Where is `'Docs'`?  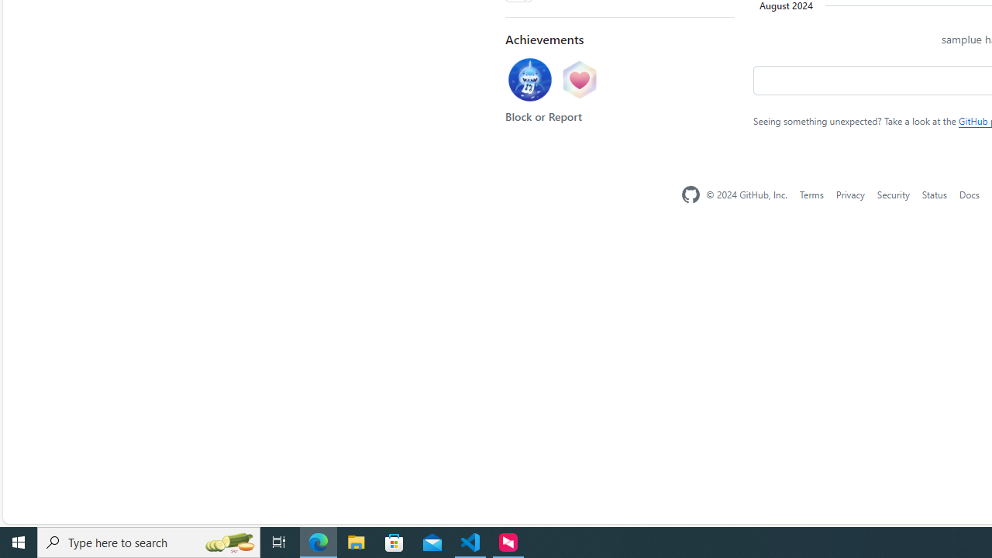
'Docs' is located at coordinates (968, 194).